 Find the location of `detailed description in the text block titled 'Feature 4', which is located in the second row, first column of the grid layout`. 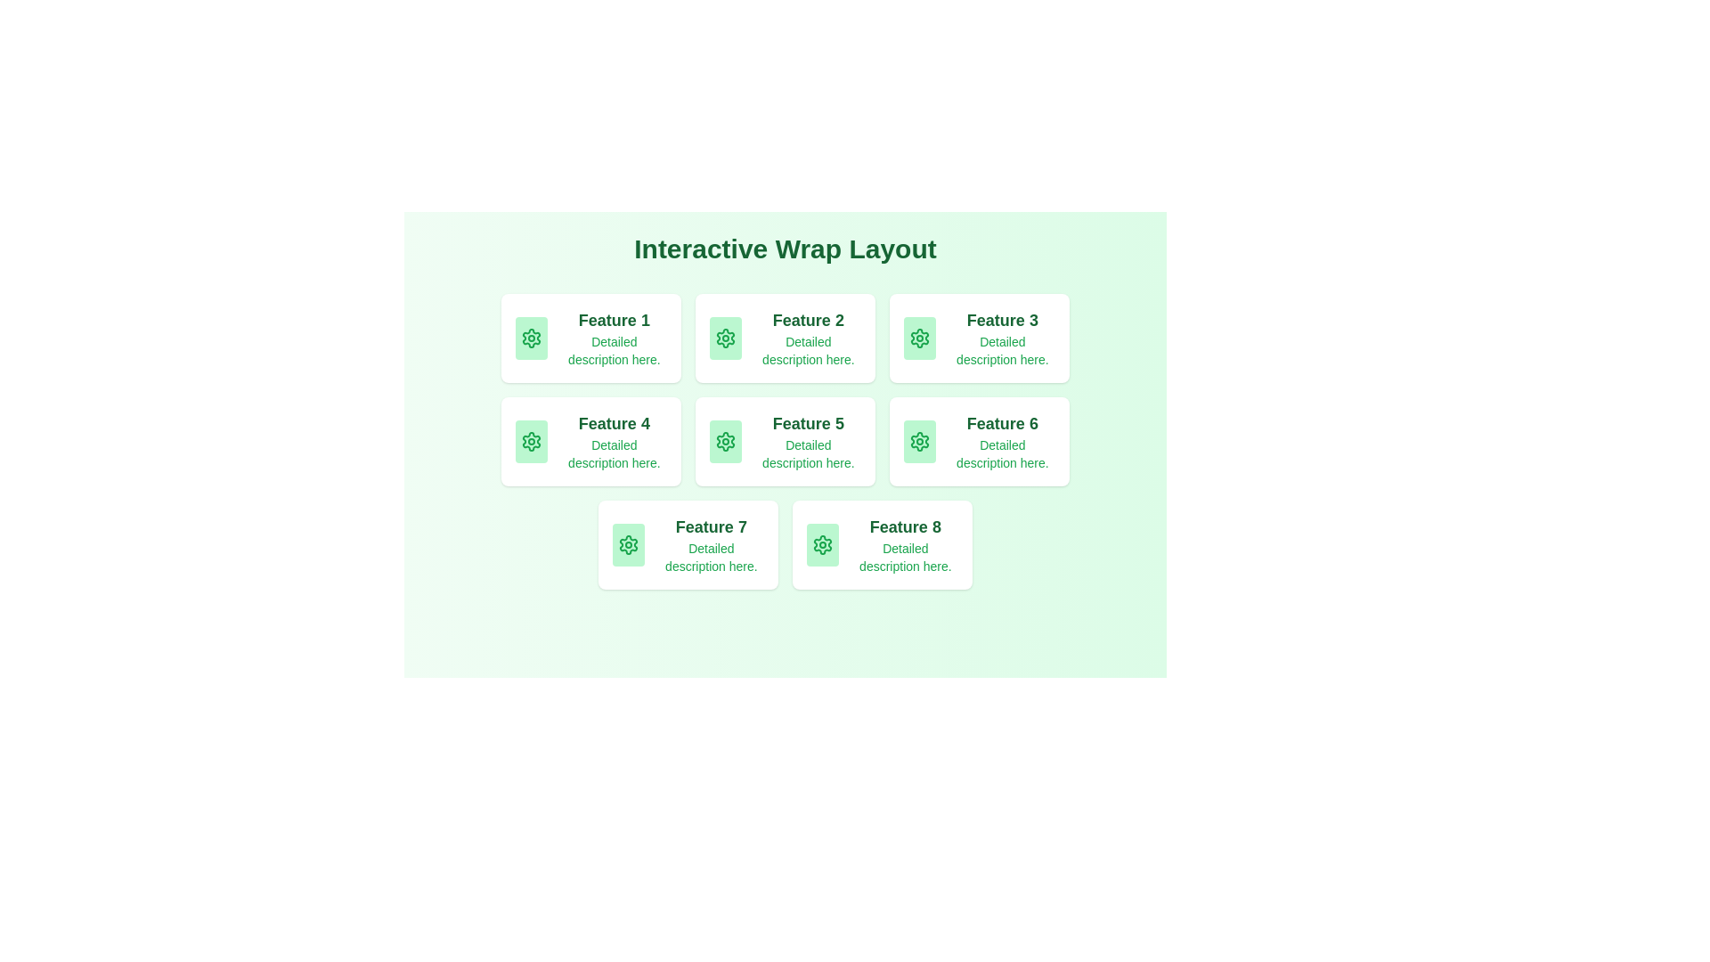

detailed description in the text block titled 'Feature 4', which is located in the second row, first column of the grid layout is located at coordinates (614, 441).